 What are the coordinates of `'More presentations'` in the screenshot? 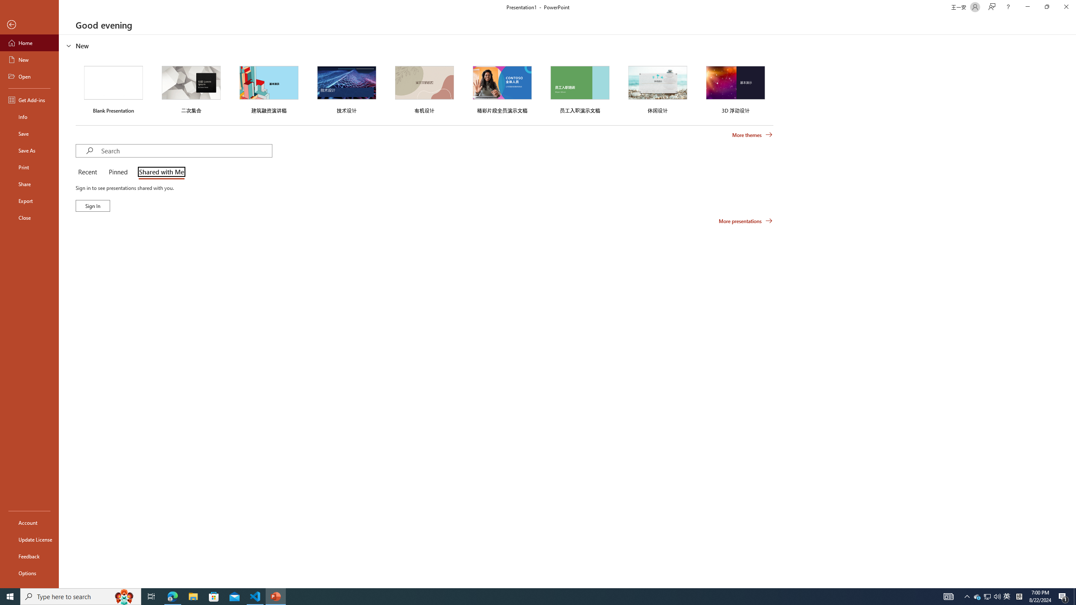 It's located at (745, 220).